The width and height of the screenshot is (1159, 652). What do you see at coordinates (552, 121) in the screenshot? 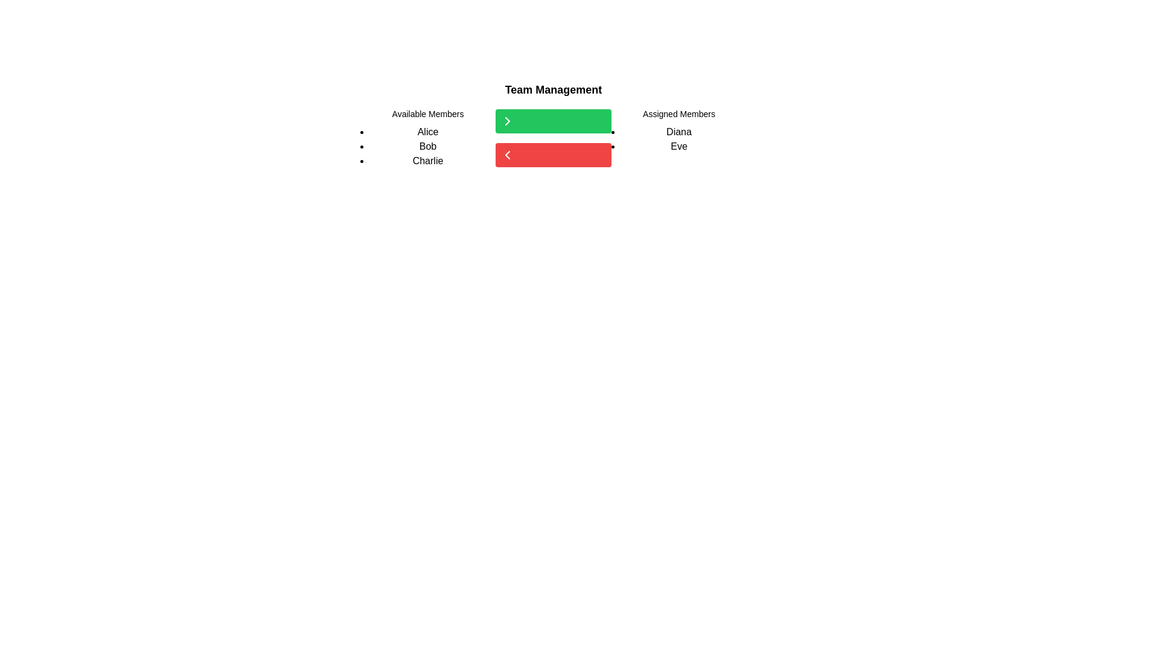
I see `the first button that transfers items from the 'Available Members' list to the 'Assigned Members' list` at bounding box center [552, 121].